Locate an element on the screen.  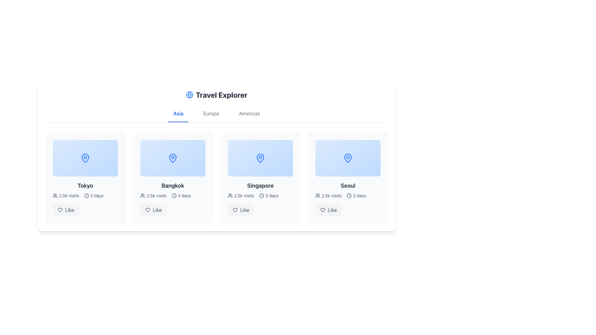
the metadata display for 'Singapore' which shows '2.5k visits' and '3 days' below the card title and above the 'Like' button in the 'Travel Explorer' interface is located at coordinates (260, 196).